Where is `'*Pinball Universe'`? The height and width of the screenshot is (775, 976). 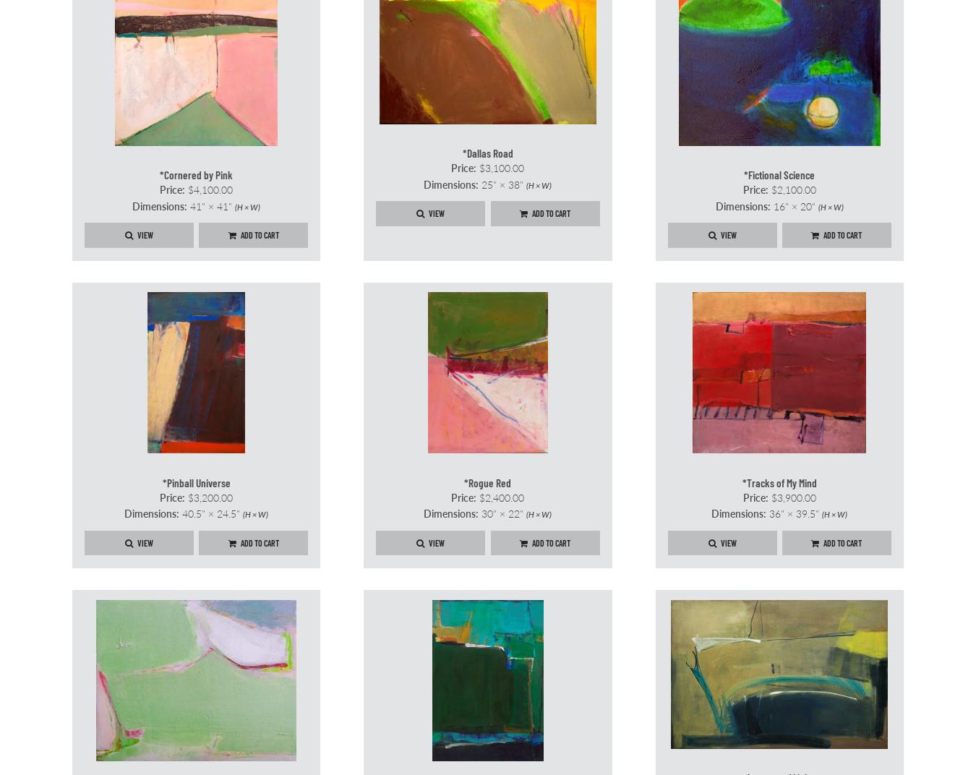
'*Pinball Universe' is located at coordinates (194, 481).